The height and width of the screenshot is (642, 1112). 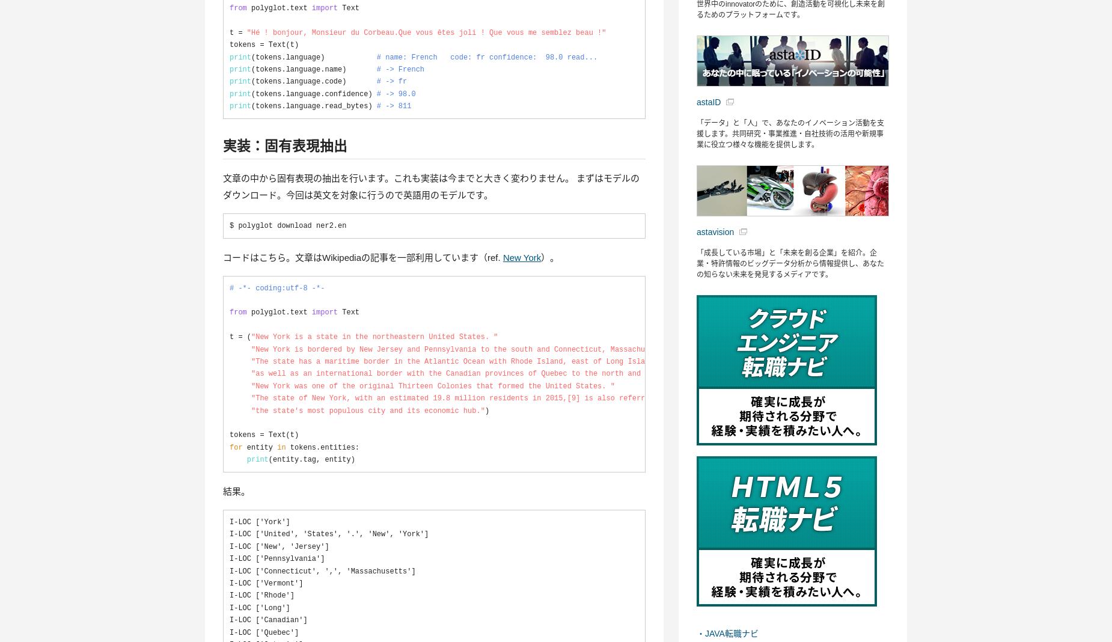 I want to click on 'tokens.entities:', so click(x=295, y=453).